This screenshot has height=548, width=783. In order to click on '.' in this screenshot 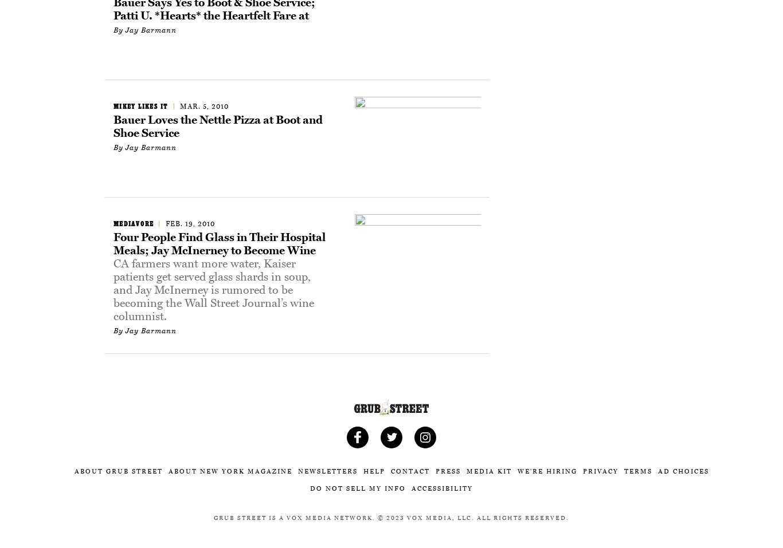, I will do `click(371, 518)`.